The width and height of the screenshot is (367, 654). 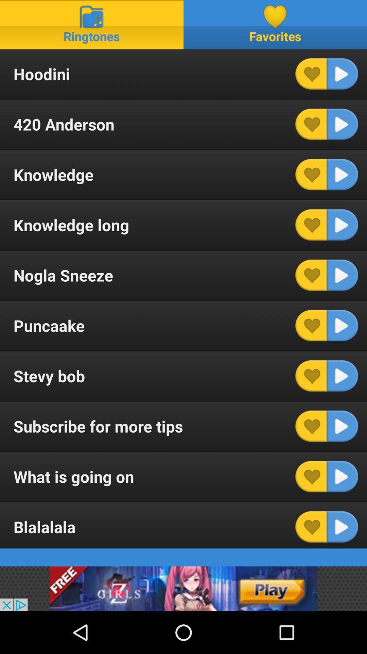 What do you see at coordinates (311, 174) in the screenshot?
I see `check knowledge` at bounding box center [311, 174].